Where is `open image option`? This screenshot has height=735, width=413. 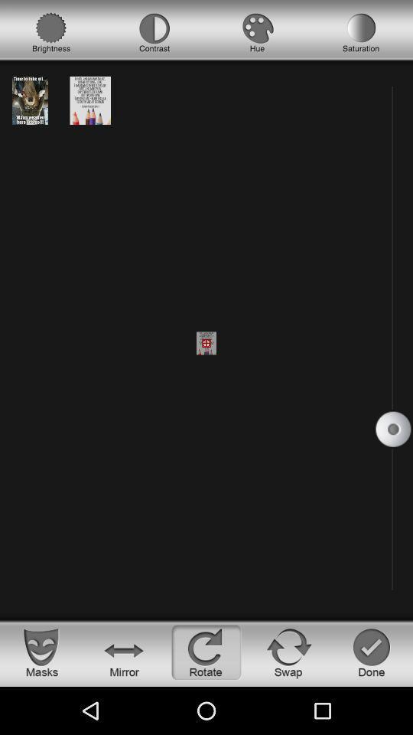 open image option is located at coordinates (30, 100).